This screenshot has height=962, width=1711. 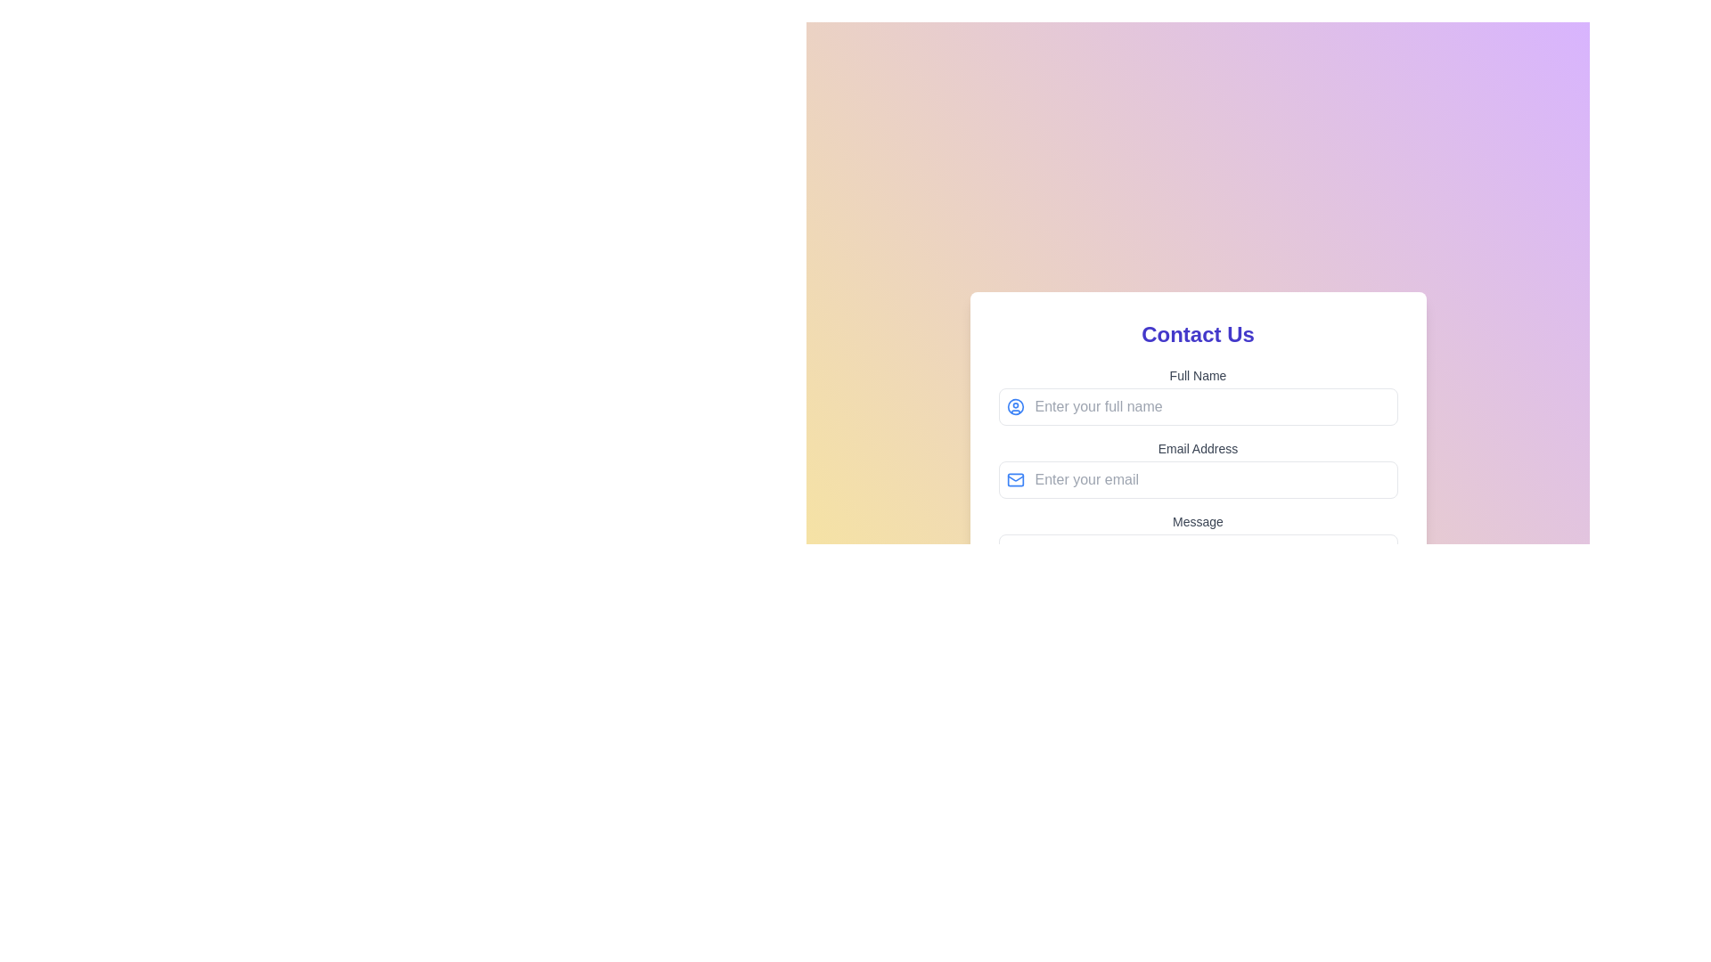 What do you see at coordinates (1198, 448) in the screenshot?
I see `the label that describes the email input field, located centrally beneath the 'Full Name' label and above the email address input field` at bounding box center [1198, 448].